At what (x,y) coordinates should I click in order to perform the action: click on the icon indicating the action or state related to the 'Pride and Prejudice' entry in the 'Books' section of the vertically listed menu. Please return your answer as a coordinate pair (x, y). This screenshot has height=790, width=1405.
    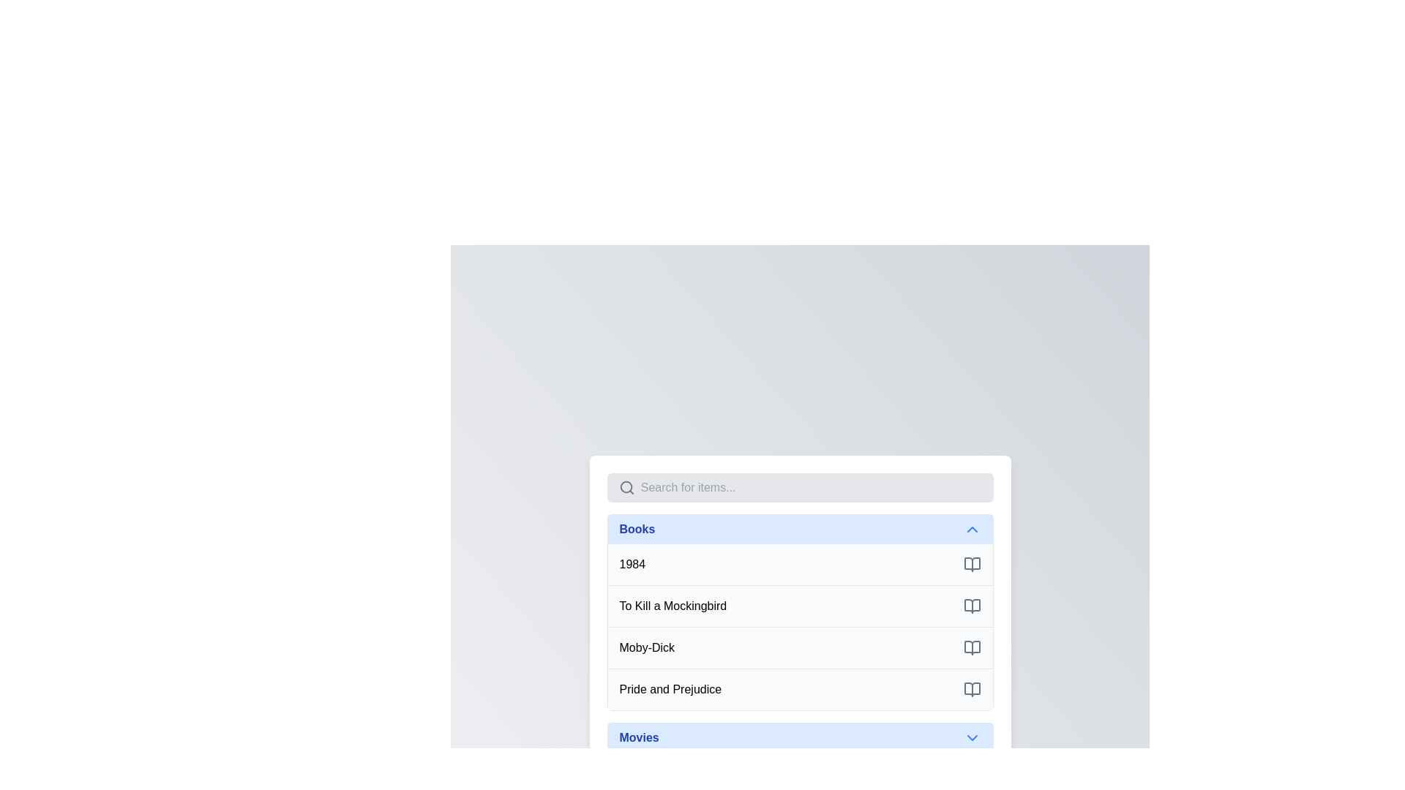
    Looking at the image, I should click on (972, 689).